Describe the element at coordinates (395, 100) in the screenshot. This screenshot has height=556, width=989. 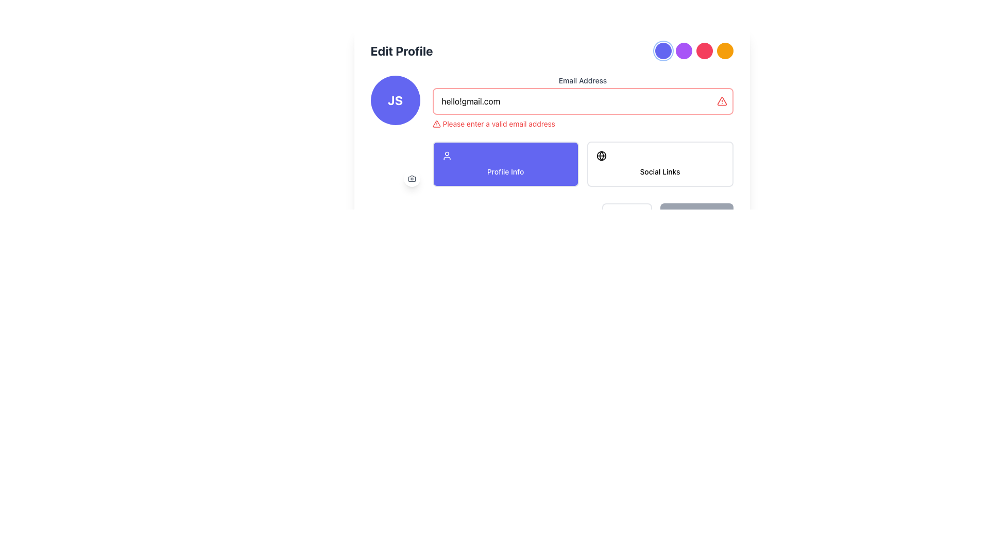
I see `the circular avatar or profile icon with a purple background and white 'JS' text, located to the left of the email input field in the Edit Profile section` at that location.